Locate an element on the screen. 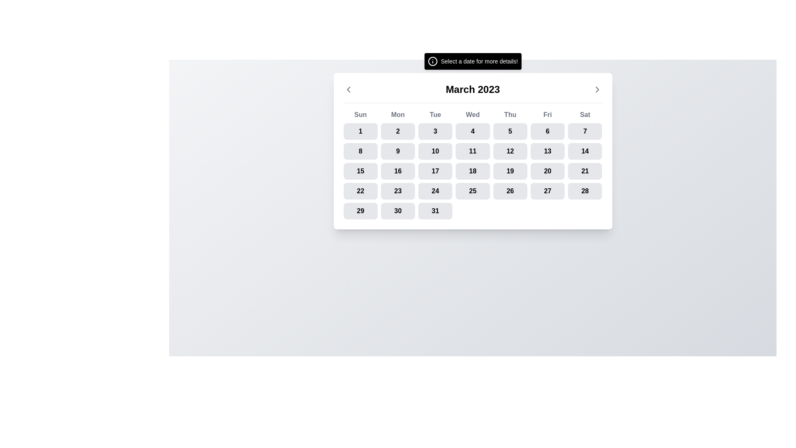  the informational label denoting the abbreviation for Tuesday in the calendar's weekday header row, which is the third weekday name from the left is located at coordinates (435, 115).